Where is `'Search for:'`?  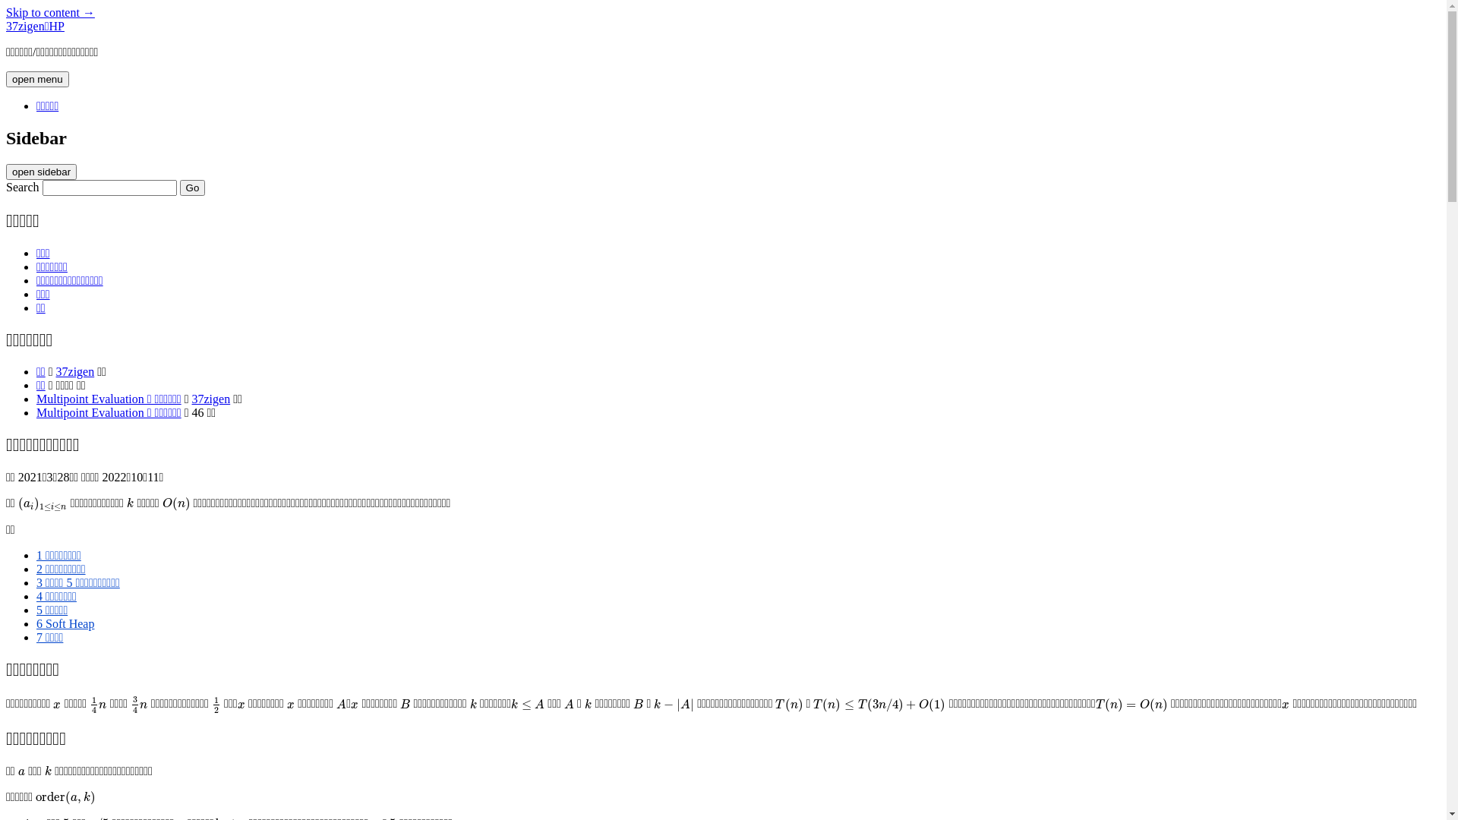 'Search for:' is located at coordinates (109, 187).